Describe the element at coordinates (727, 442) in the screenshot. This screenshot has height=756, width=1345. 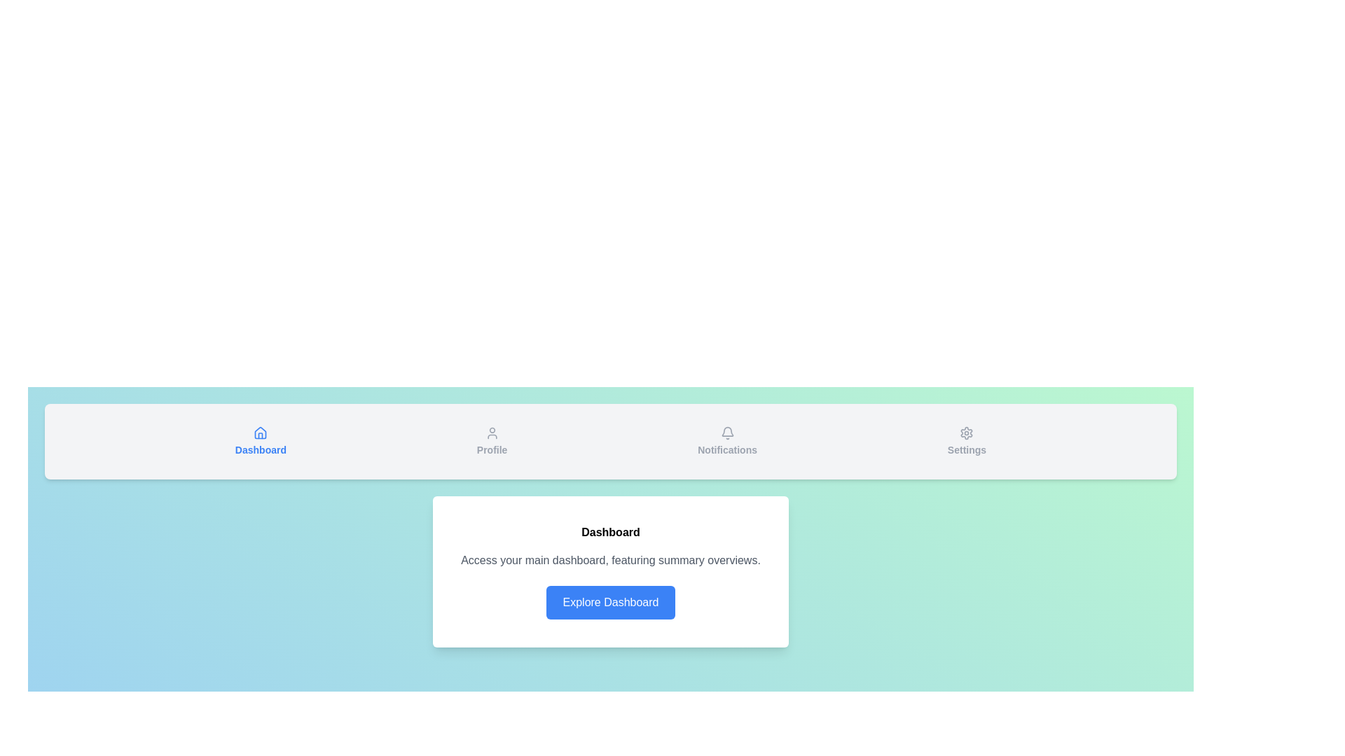
I see `the tab labeled Notifications to view its content` at that location.